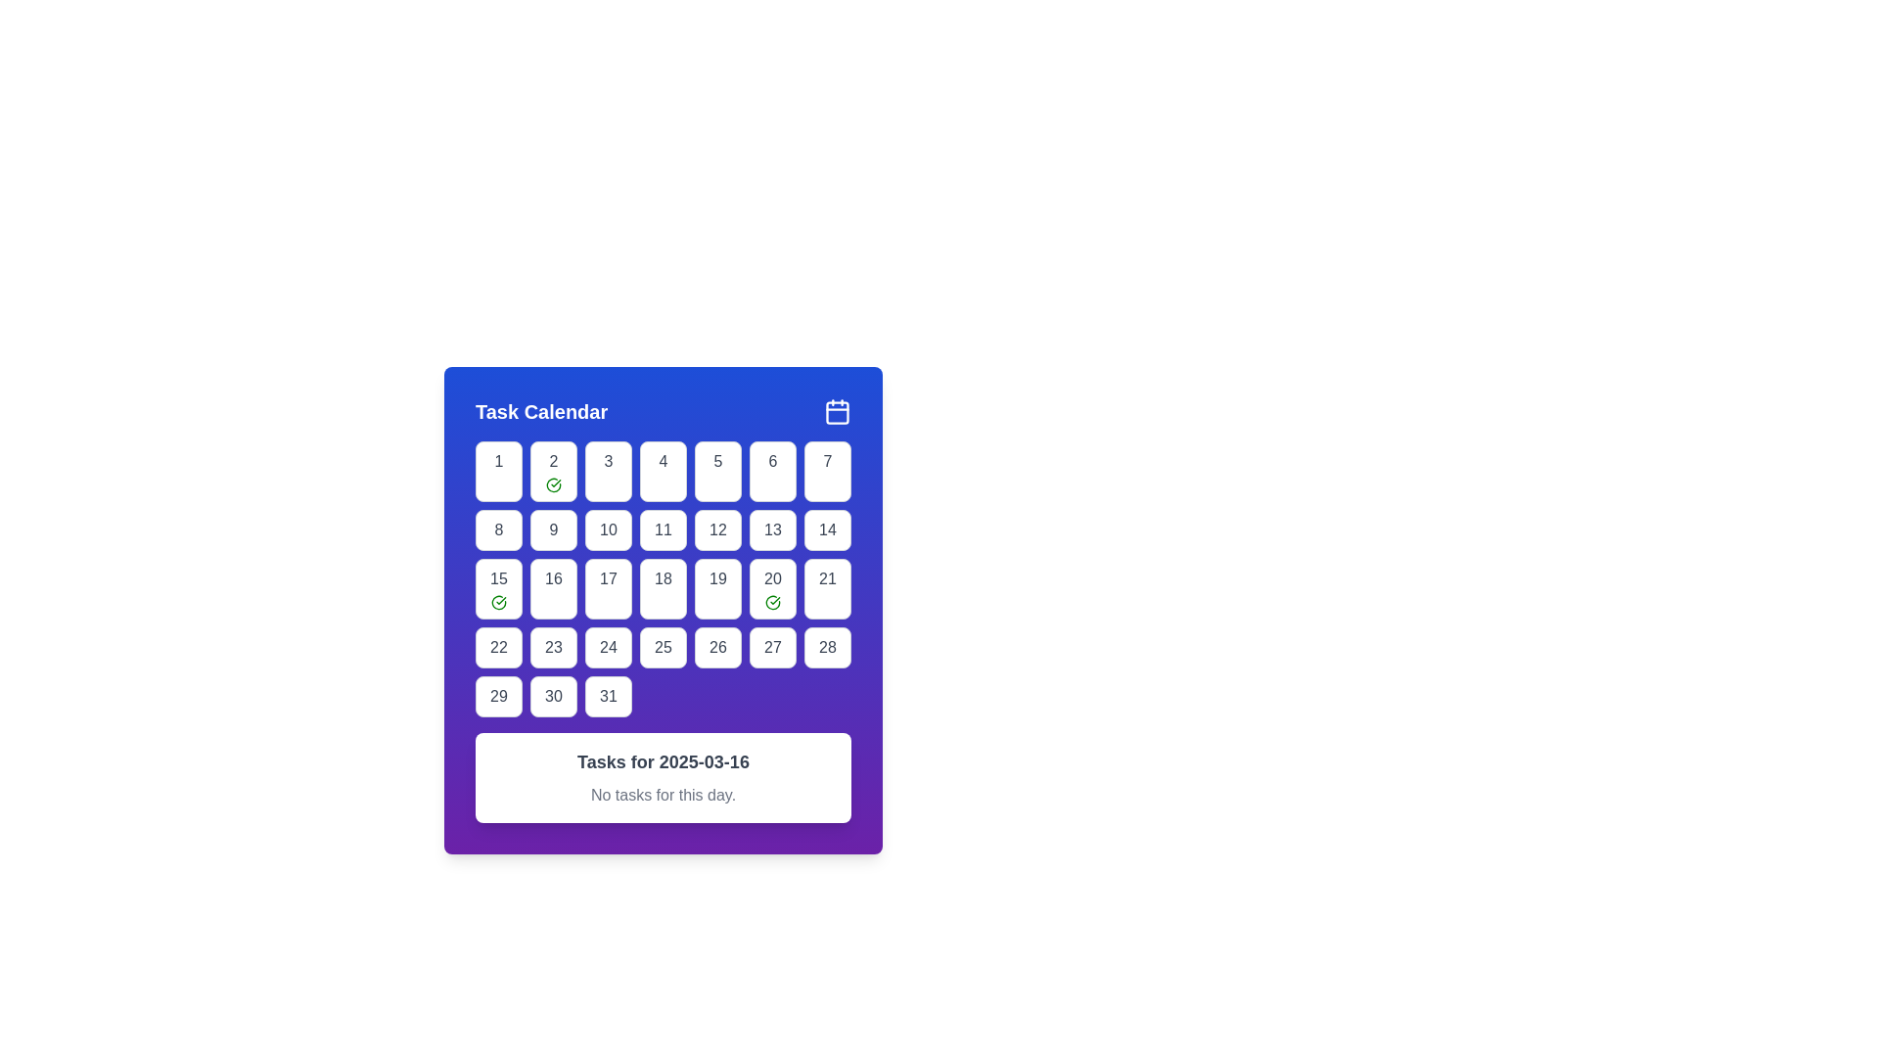 Image resolution: width=1879 pixels, height=1057 pixels. Describe the element at coordinates (608, 530) in the screenshot. I see `the button-like calendar date cell displaying the number '10'` at that location.